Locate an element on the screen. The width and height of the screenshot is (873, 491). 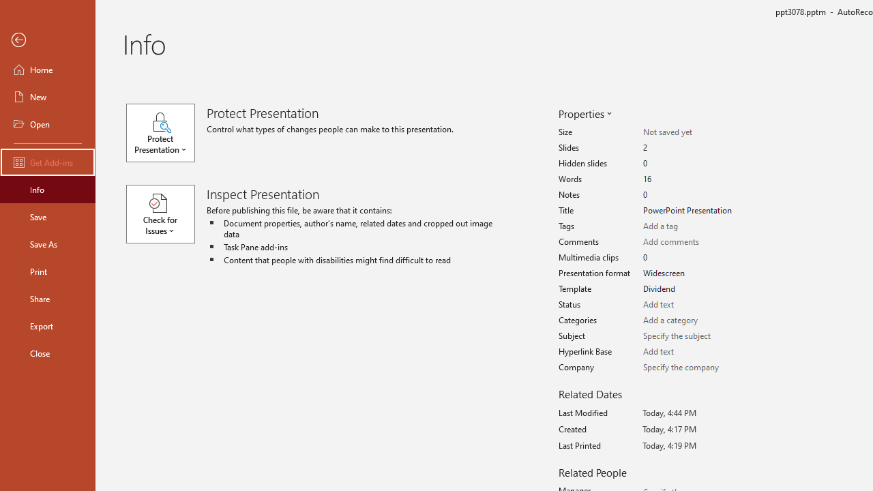
'Subject' is located at coordinates (690, 336).